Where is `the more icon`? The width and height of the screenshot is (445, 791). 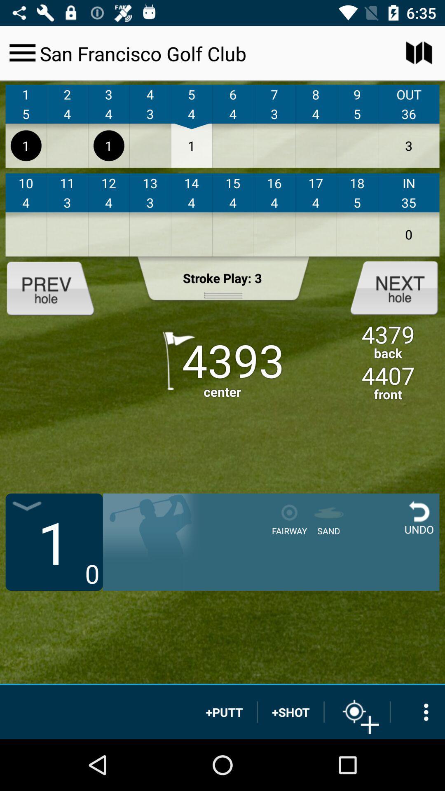
the more icon is located at coordinates (418, 711).